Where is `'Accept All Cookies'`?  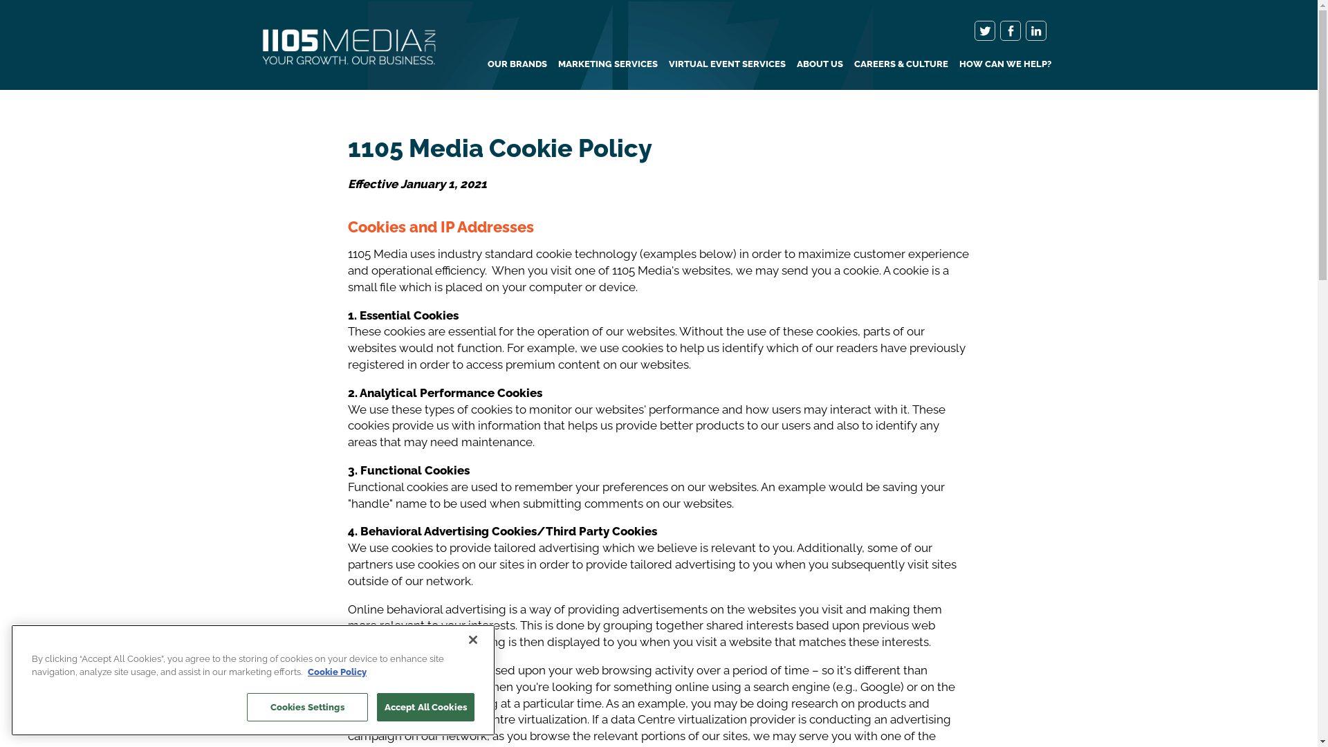 'Accept All Cookies' is located at coordinates (377, 707).